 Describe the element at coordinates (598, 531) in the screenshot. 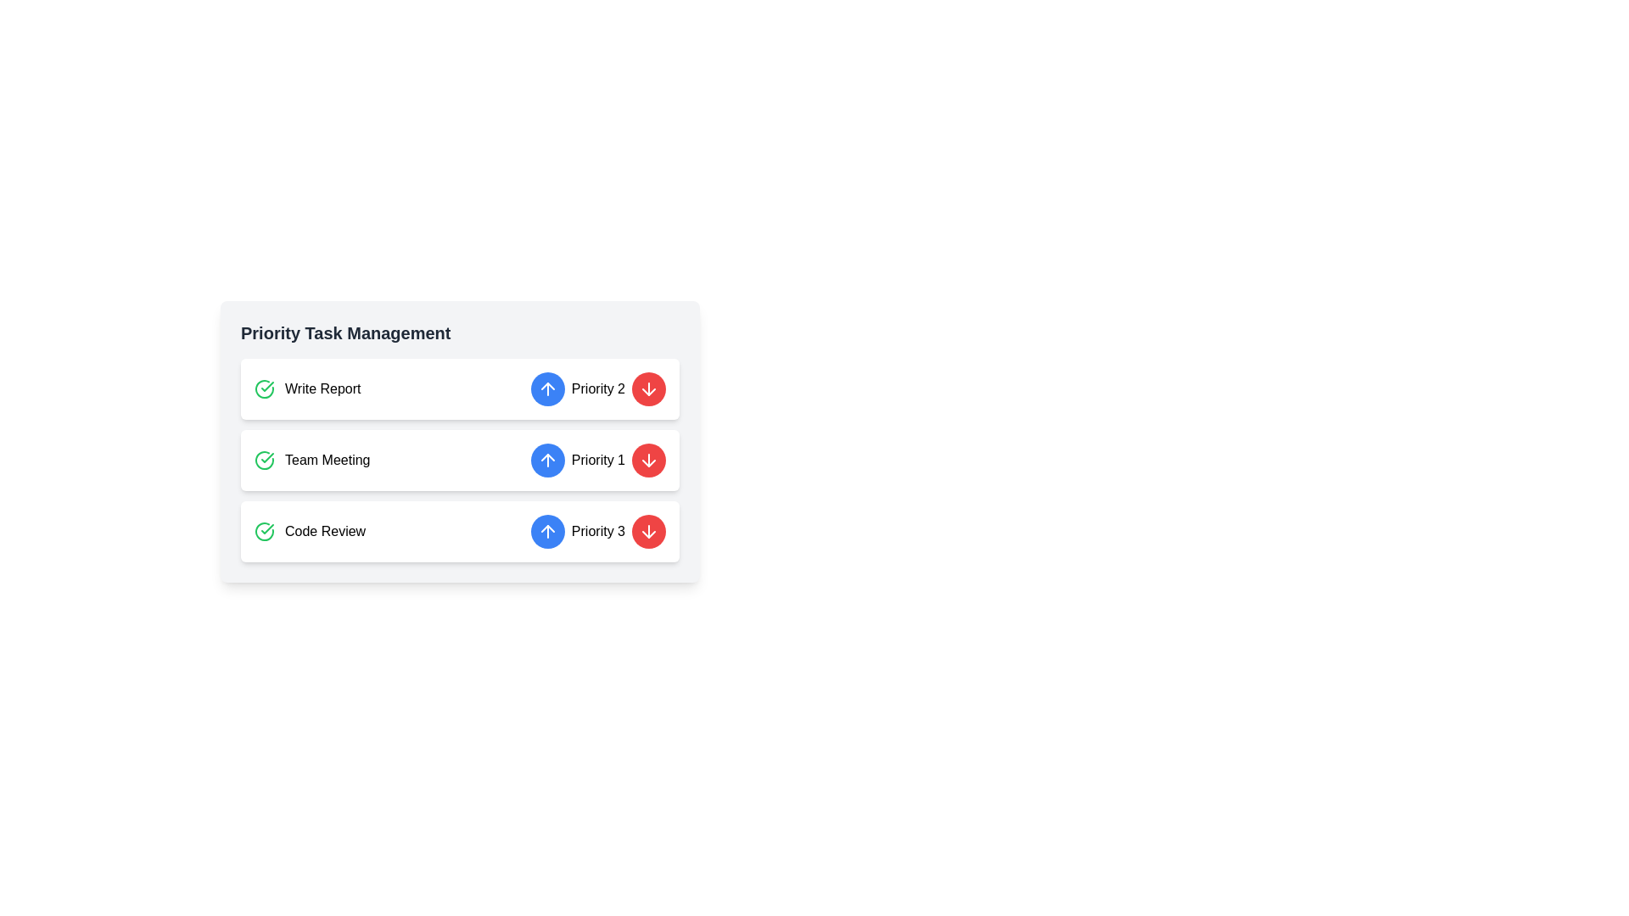

I see `the static text label that displays the priority level of the associated task, located between the blue and red circular buttons in the third item of the vertical task list` at that location.